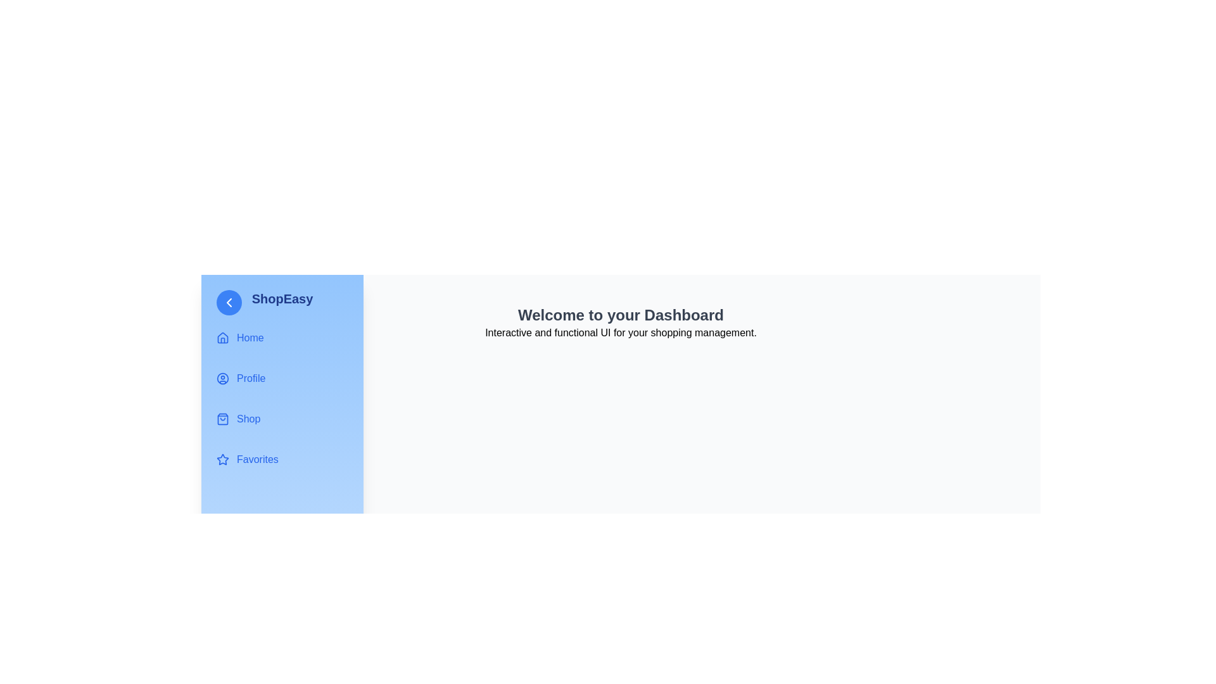 The image size is (1216, 684). What do you see at coordinates (282, 398) in the screenshot?
I see `the individual menu item in the ShopEasy navigation menu` at bounding box center [282, 398].